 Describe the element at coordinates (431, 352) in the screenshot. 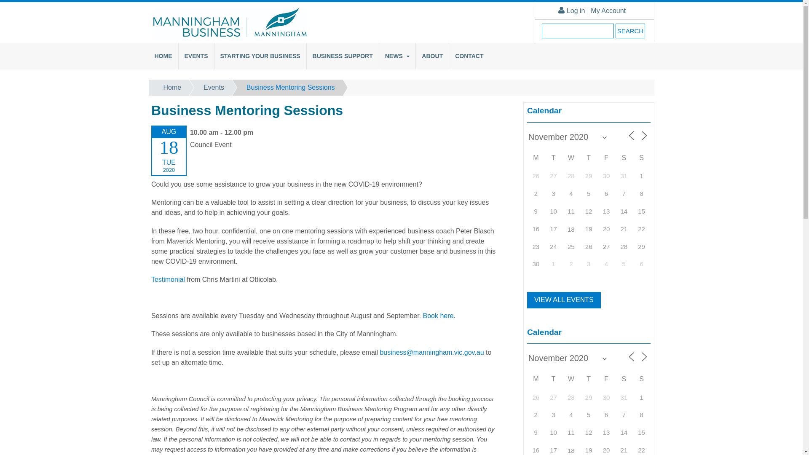

I see `'business@manningham.vic.gov.au'` at that location.